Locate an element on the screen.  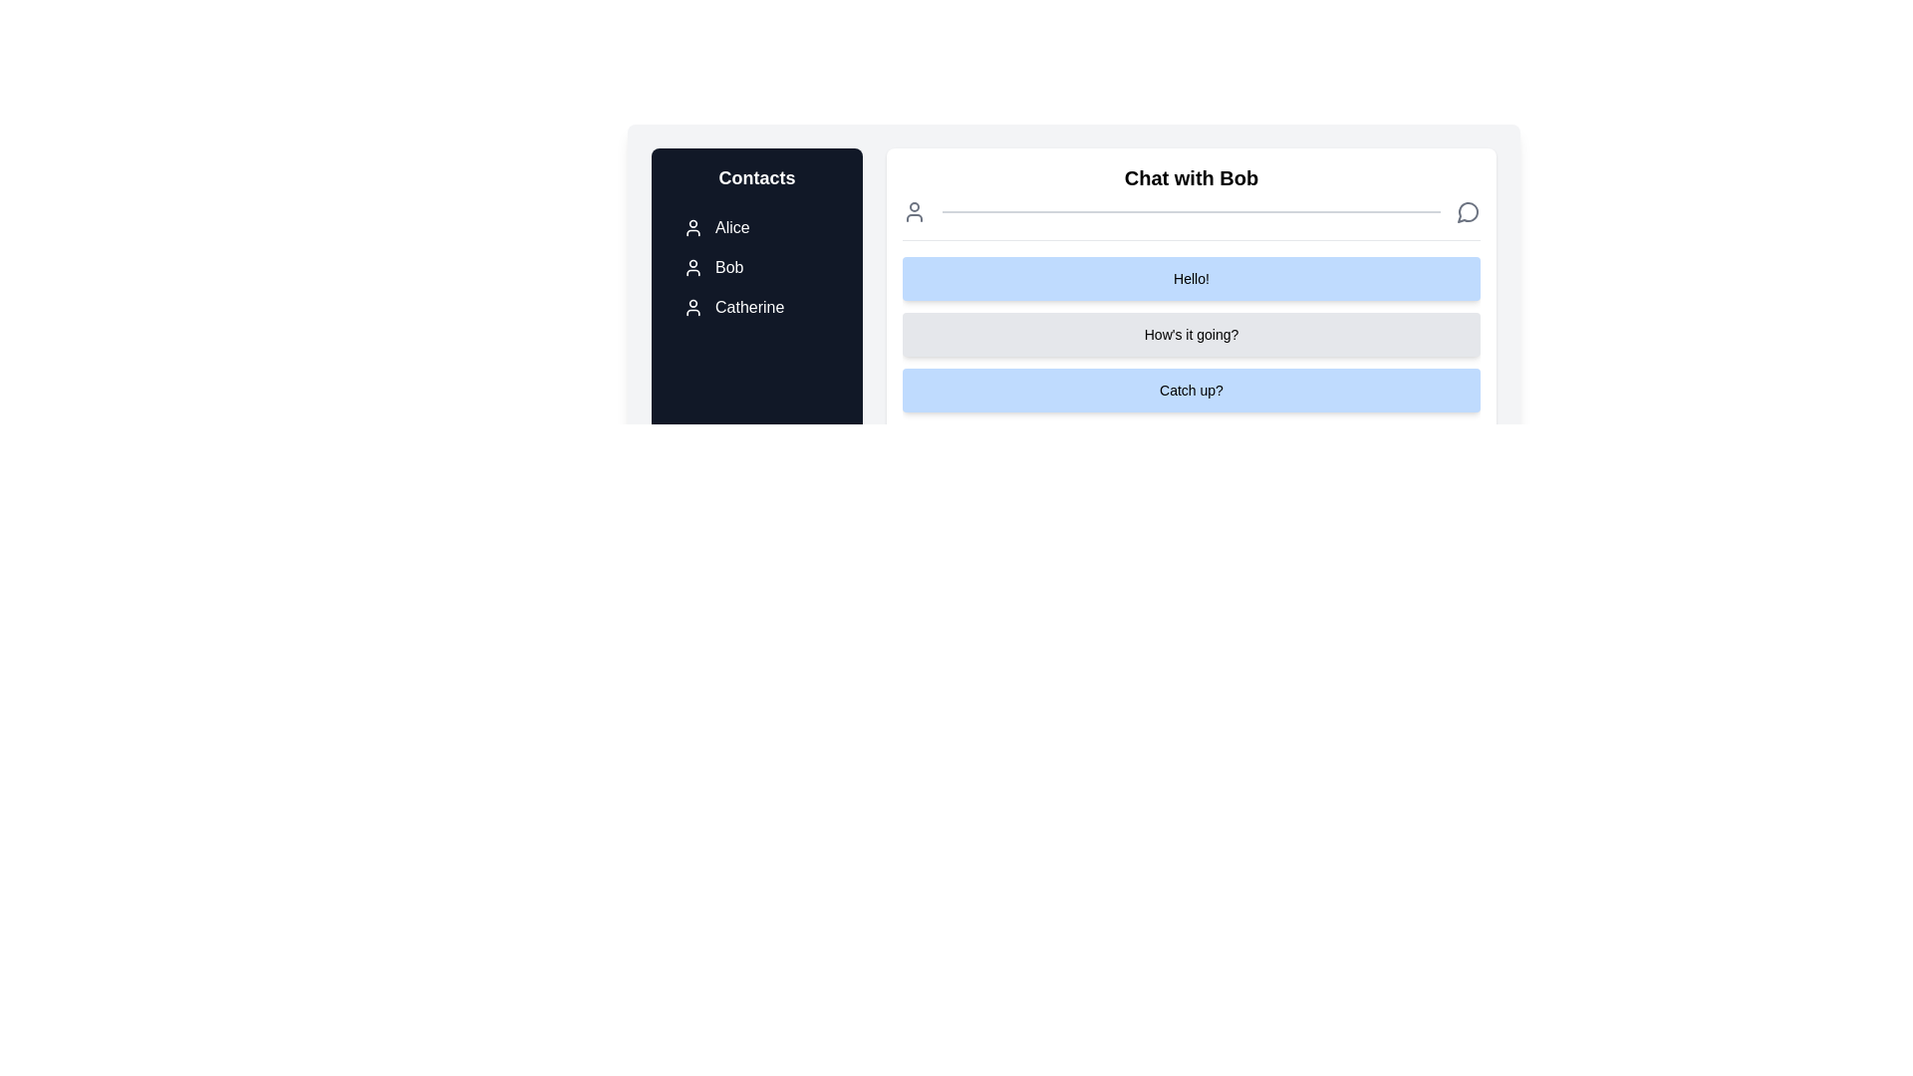
the Chat interface containing message items, which is located to the right of the contact list and displays messages from a conversation is located at coordinates (1073, 333).